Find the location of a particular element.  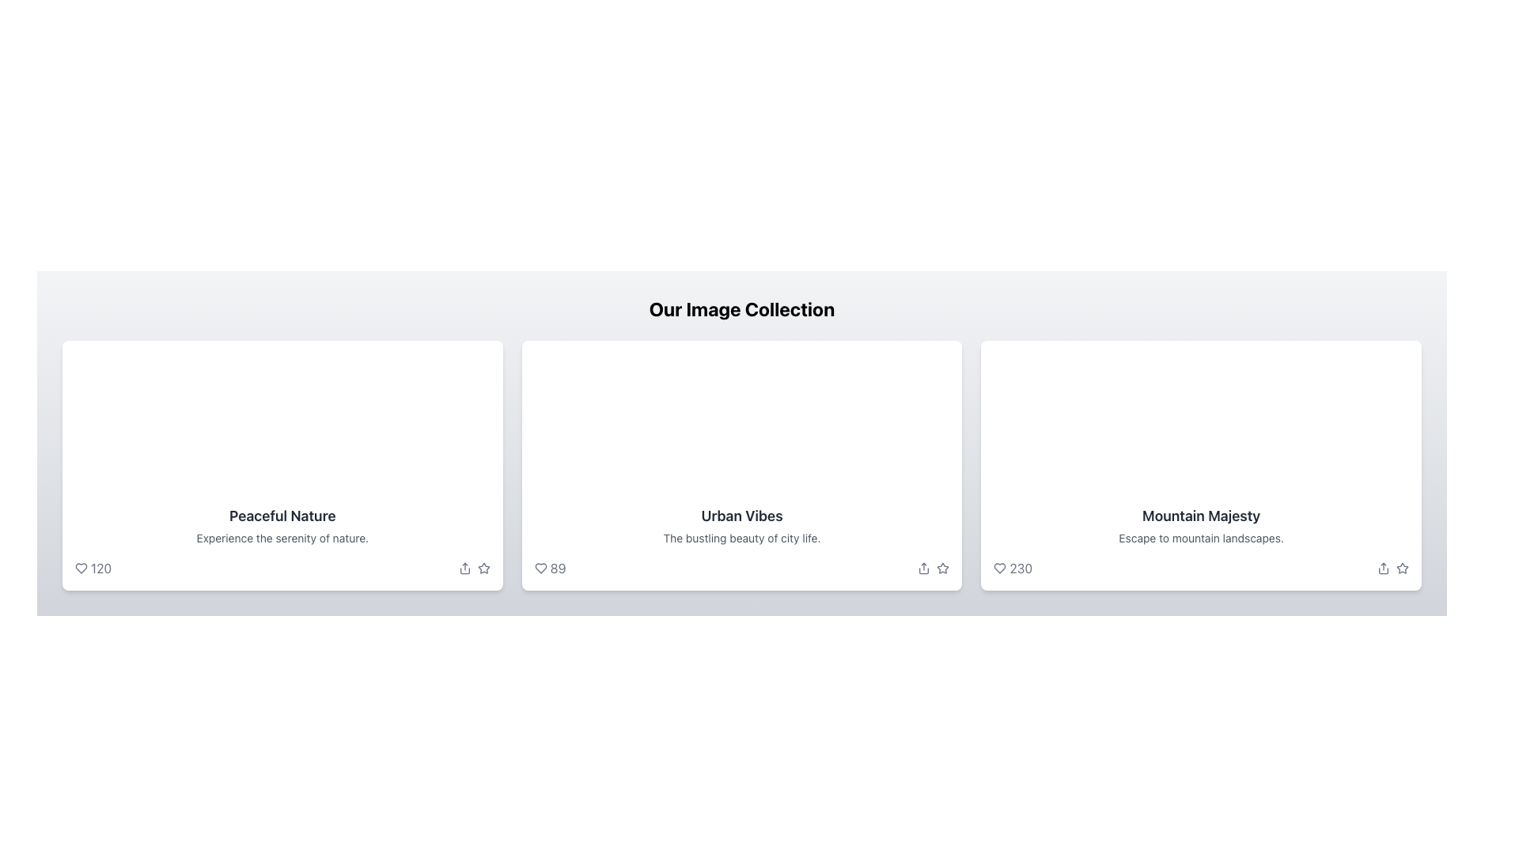

the upward arrow icon located in the bottom-right section of the second card titled 'Urban Vibes' to share is located at coordinates (934, 567).